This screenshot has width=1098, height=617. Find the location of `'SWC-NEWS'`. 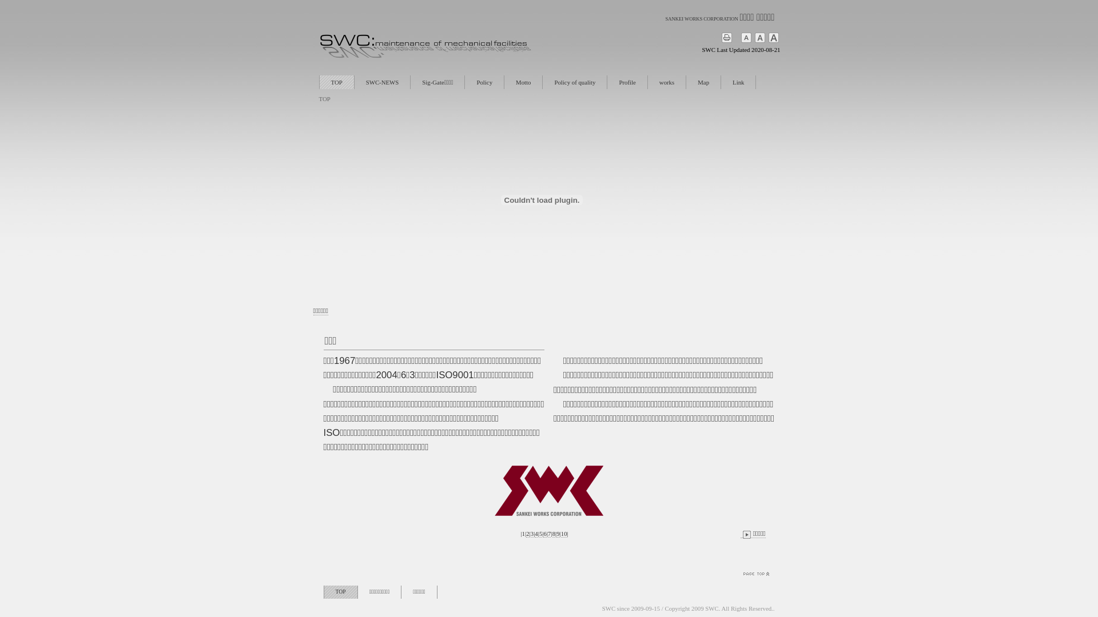

'SWC-NEWS' is located at coordinates (382, 81).